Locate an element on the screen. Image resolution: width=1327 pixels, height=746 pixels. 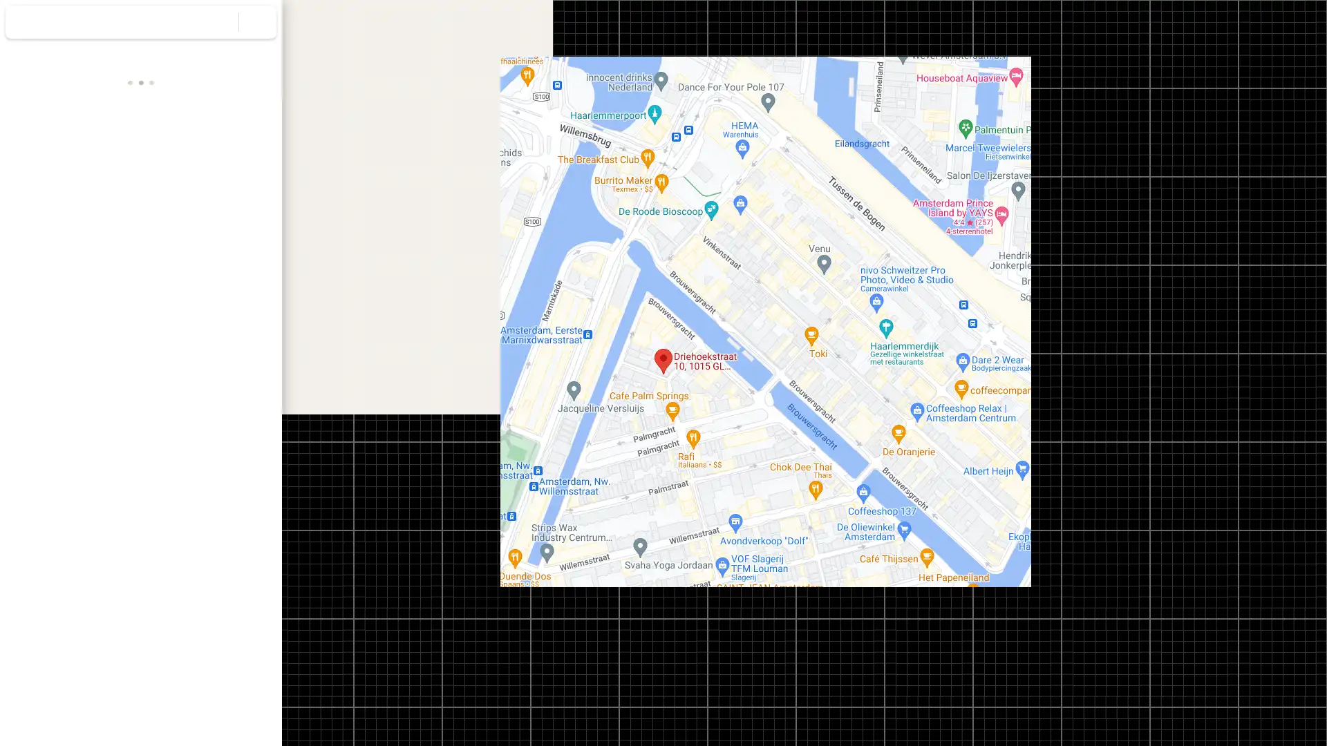
Driehoekstraat 10 delen is located at coordinates (241, 236).